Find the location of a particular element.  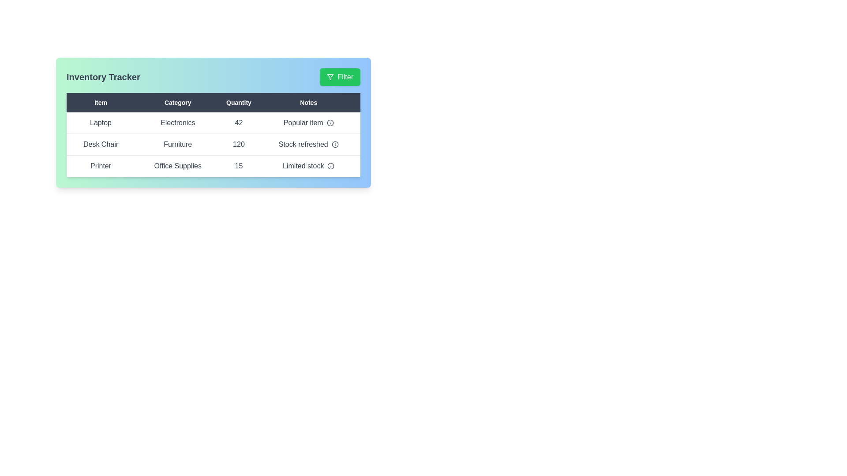

the cell containing Limited stock to select its text is located at coordinates (308, 166).